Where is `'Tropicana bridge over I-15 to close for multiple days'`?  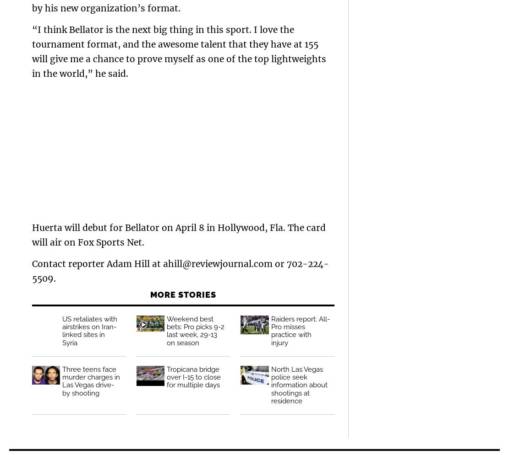
'Tropicana bridge over I-15 to close for multiple days' is located at coordinates (166, 376).